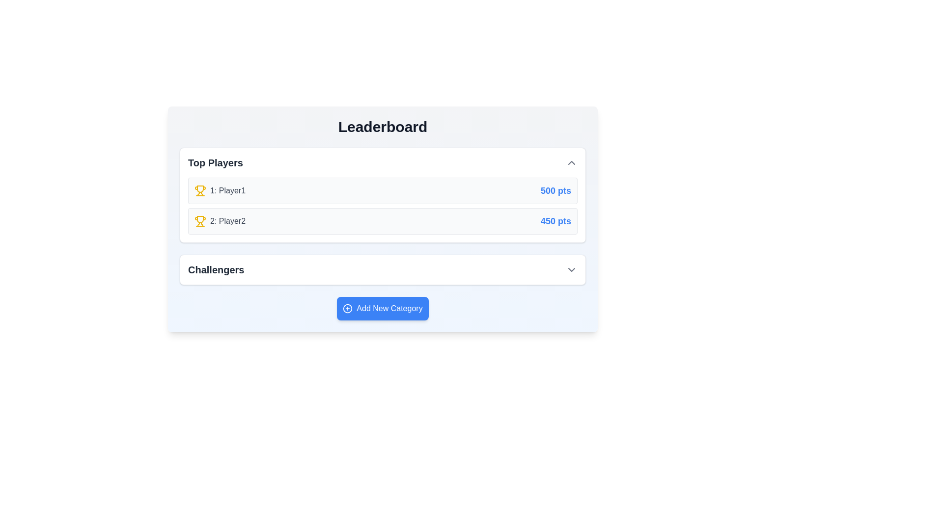  Describe the element at coordinates (200, 219) in the screenshot. I see `the trophy icon segment located to the left of the text 'Player1' in the 'Top Players' section of the leaderboard interface` at that location.